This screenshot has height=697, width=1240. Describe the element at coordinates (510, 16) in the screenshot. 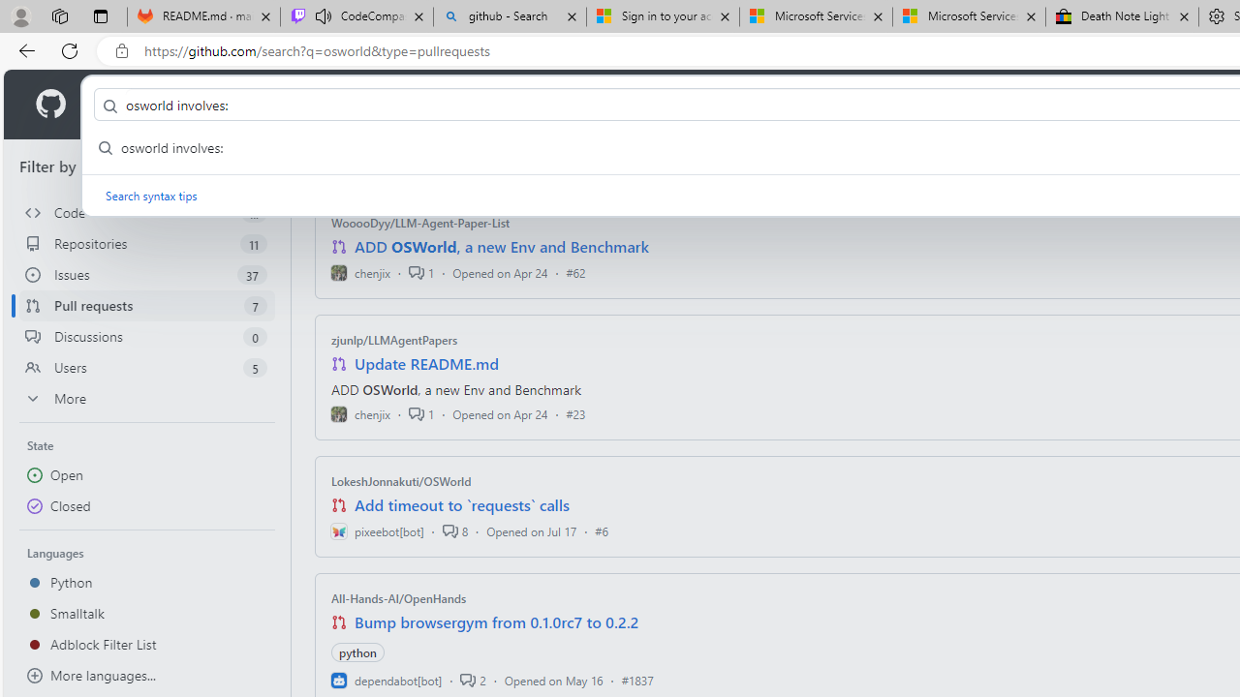

I see `'github - Search'` at that location.